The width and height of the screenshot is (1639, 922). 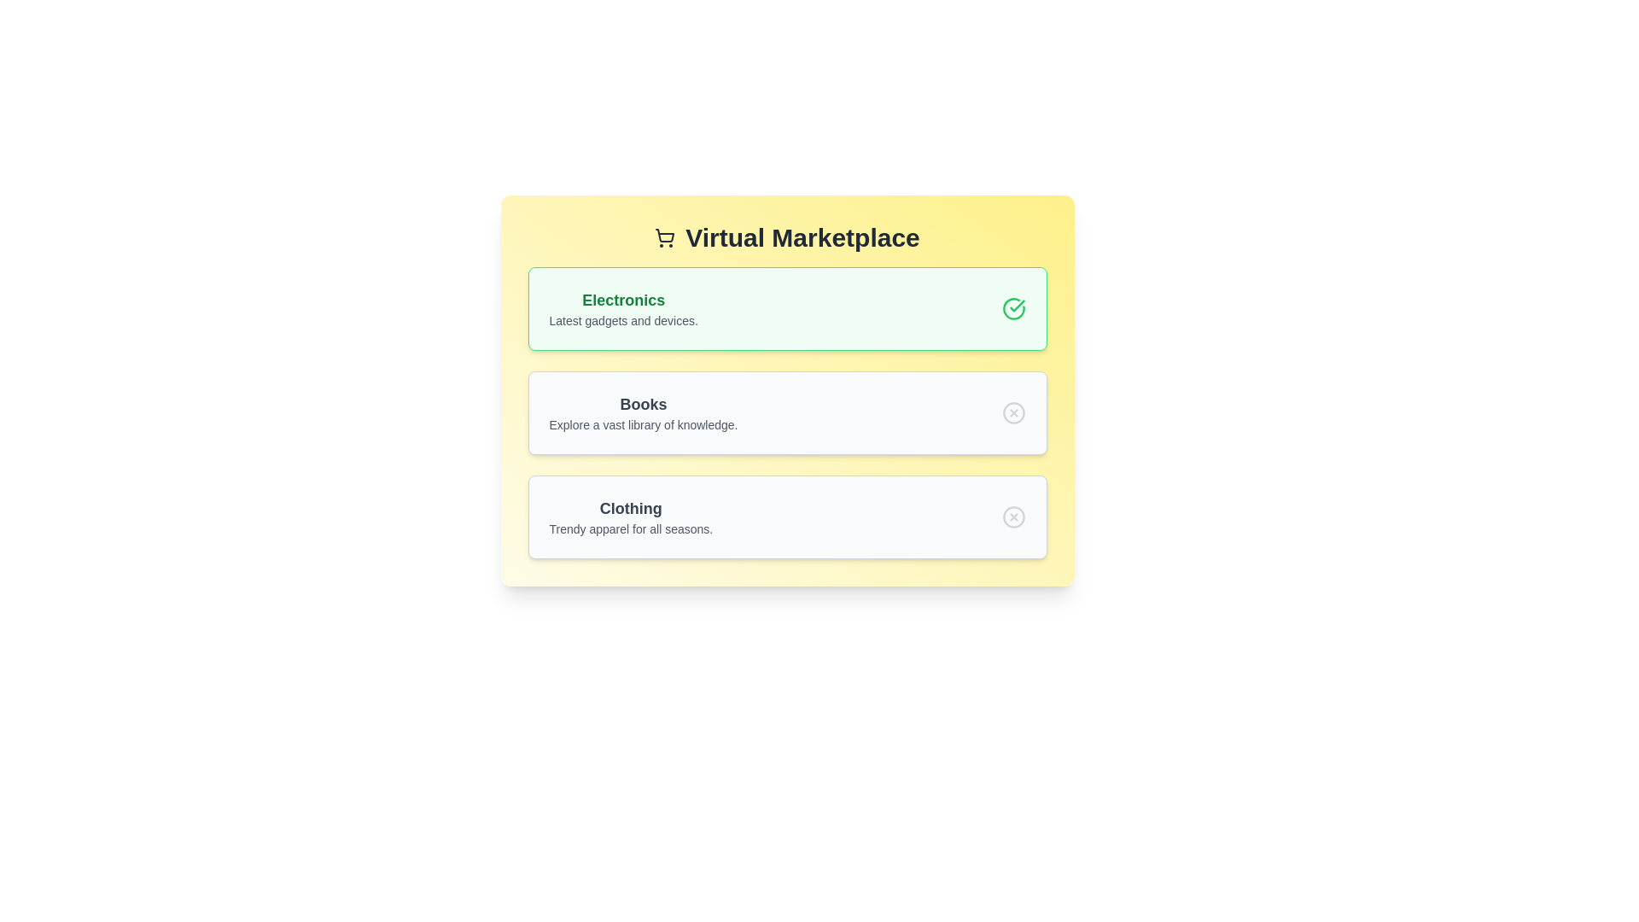 What do you see at coordinates (1013, 412) in the screenshot?
I see `the icon next to the category Books to toggle its state` at bounding box center [1013, 412].